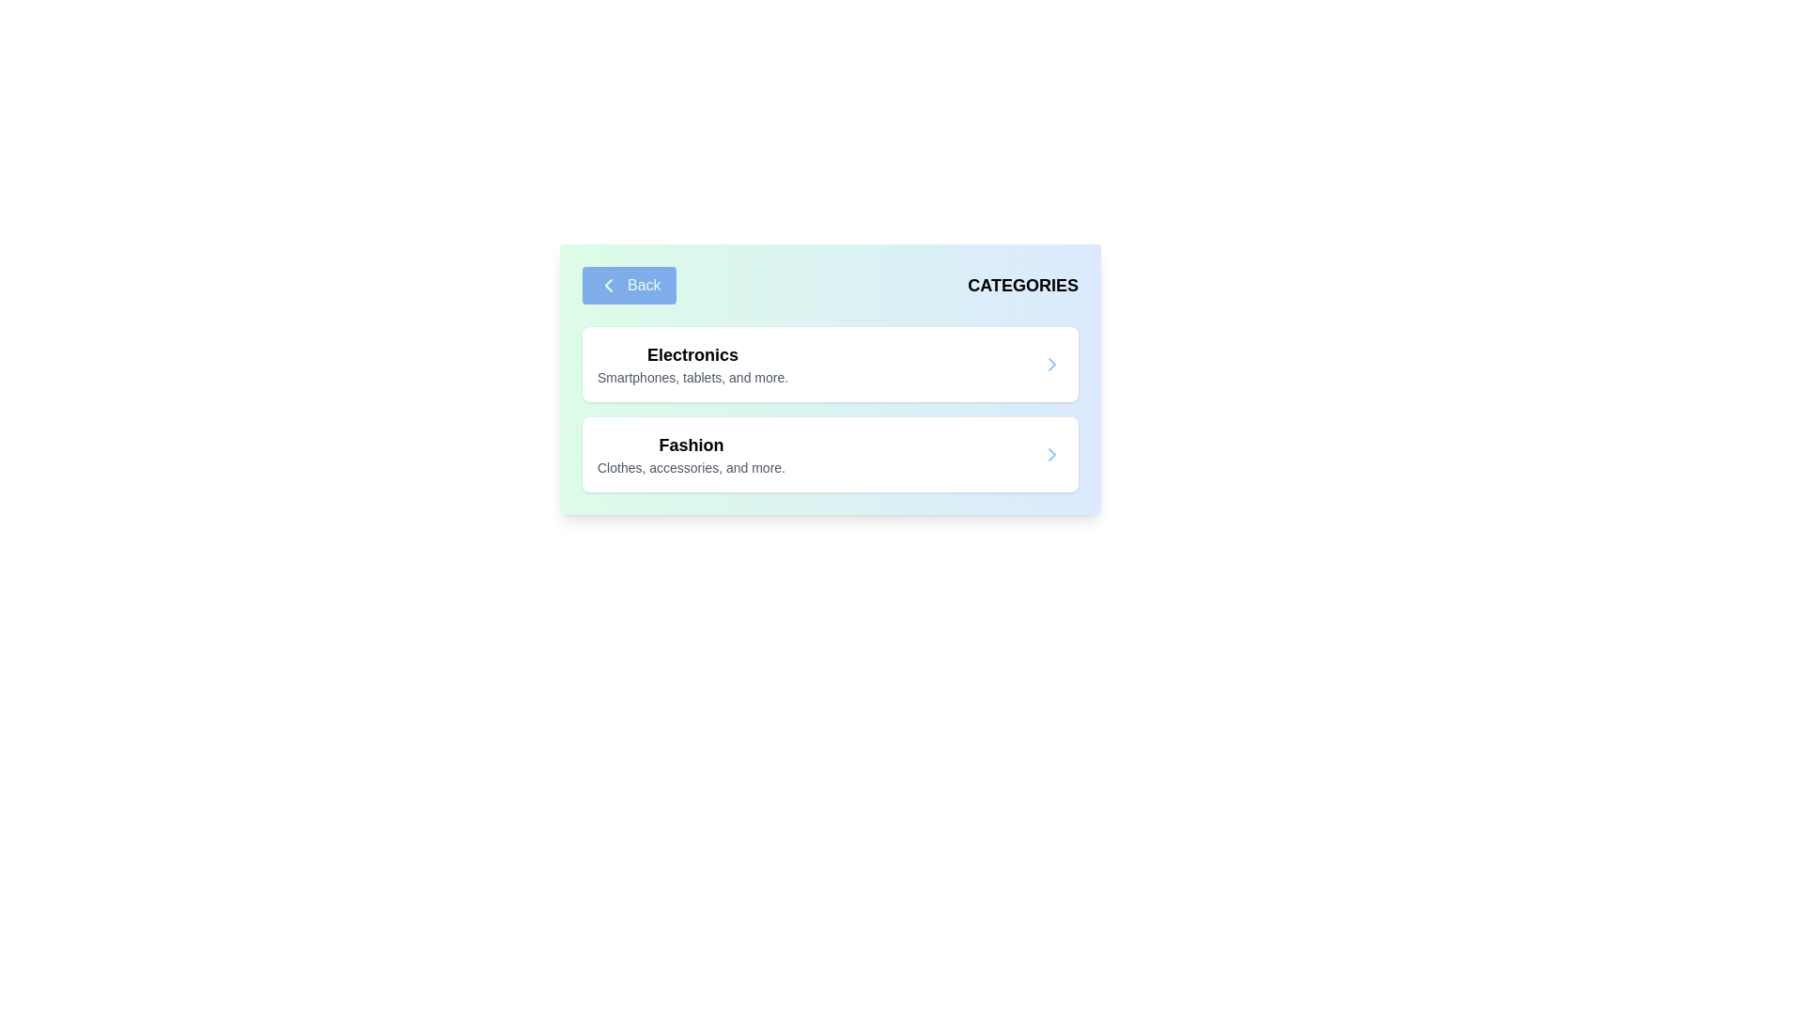 The width and height of the screenshot is (1804, 1015). Describe the element at coordinates (692, 355) in the screenshot. I see `the 'Electronics' text label, which serves as a category title indicating the associated section for Electronics` at that location.